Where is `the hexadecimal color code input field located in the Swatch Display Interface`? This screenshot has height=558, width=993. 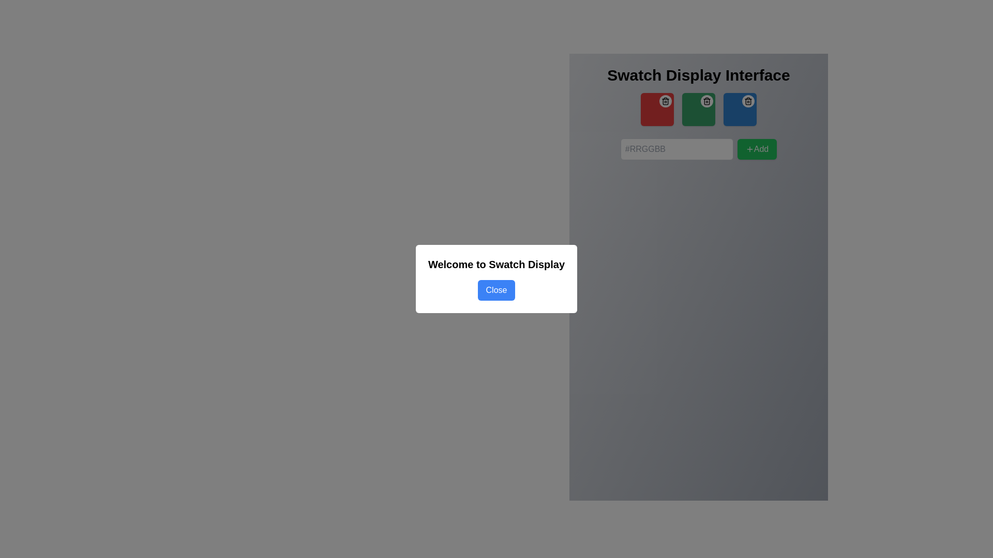
the hexadecimal color code input field located in the Swatch Display Interface is located at coordinates (676, 149).